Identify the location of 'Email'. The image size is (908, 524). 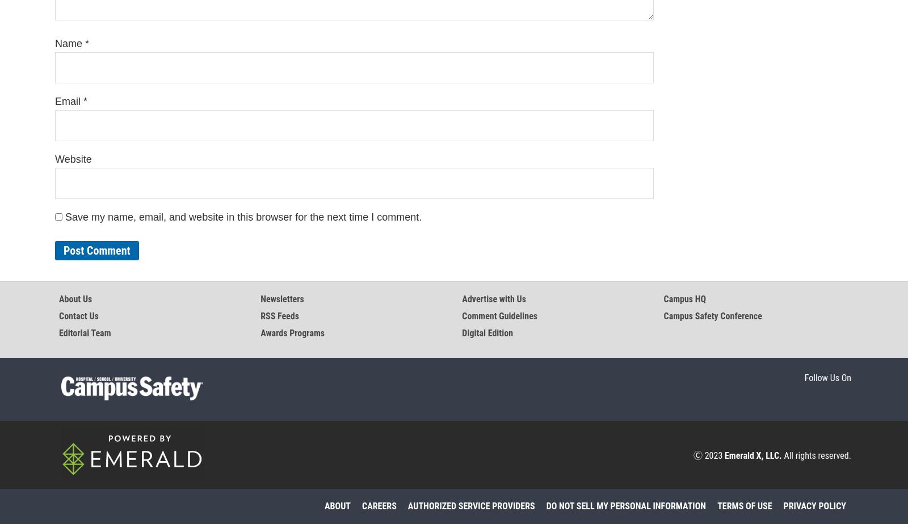
(68, 100).